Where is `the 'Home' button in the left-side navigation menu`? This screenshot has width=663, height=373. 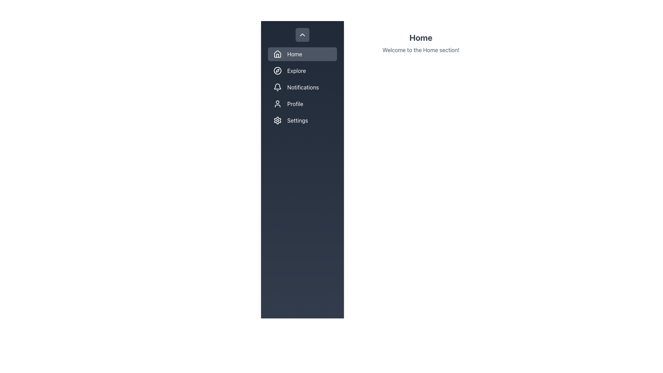
the 'Home' button in the left-side navigation menu is located at coordinates (302, 54).